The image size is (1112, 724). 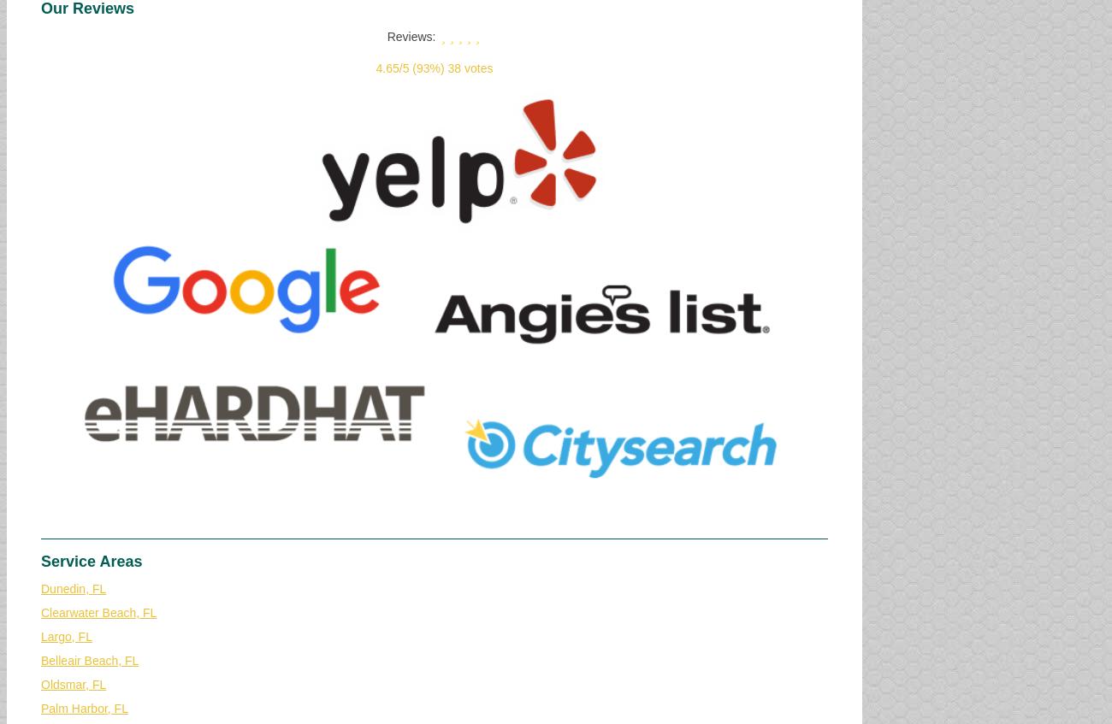 I want to click on '4.65', so click(x=386, y=68).